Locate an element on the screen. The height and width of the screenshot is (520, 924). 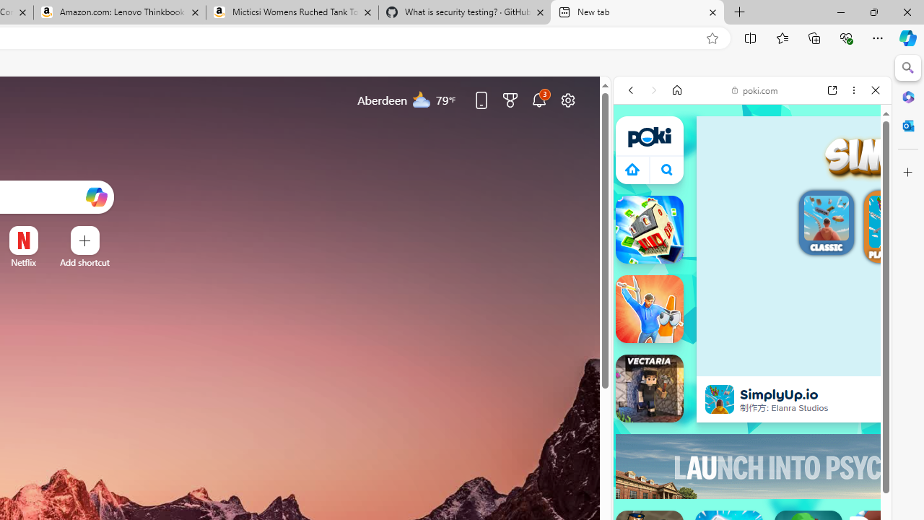
'Class: B_5ykBA46kDOxiz_R9wm' is located at coordinates (666, 169).